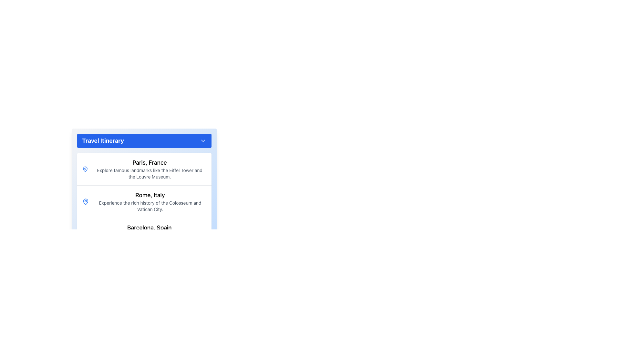 This screenshot has height=348, width=620. What do you see at coordinates (85, 169) in the screenshot?
I see `the blue outline map pin icon that is second in the vertical sequence, next to the text 'Rome, Italy'` at bounding box center [85, 169].